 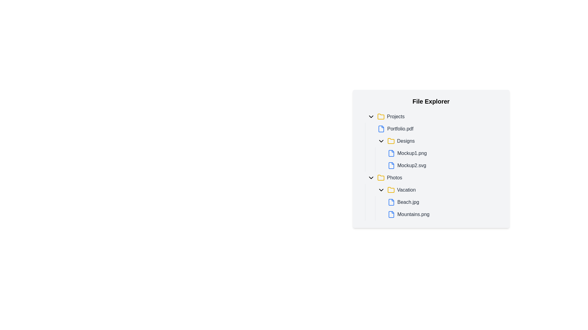 What do you see at coordinates (390, 189) in the screenshot?
I see `the yellow folder icon with rounded edges adjacent` at bounding box center [390, 189].